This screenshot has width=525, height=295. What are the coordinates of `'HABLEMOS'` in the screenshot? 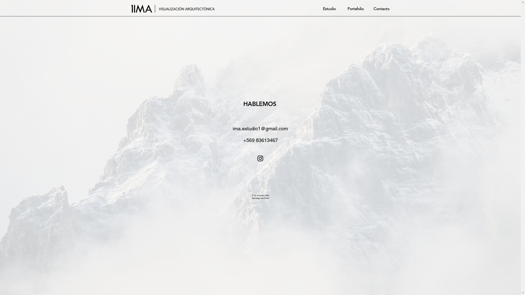 It's located at (243, 104).